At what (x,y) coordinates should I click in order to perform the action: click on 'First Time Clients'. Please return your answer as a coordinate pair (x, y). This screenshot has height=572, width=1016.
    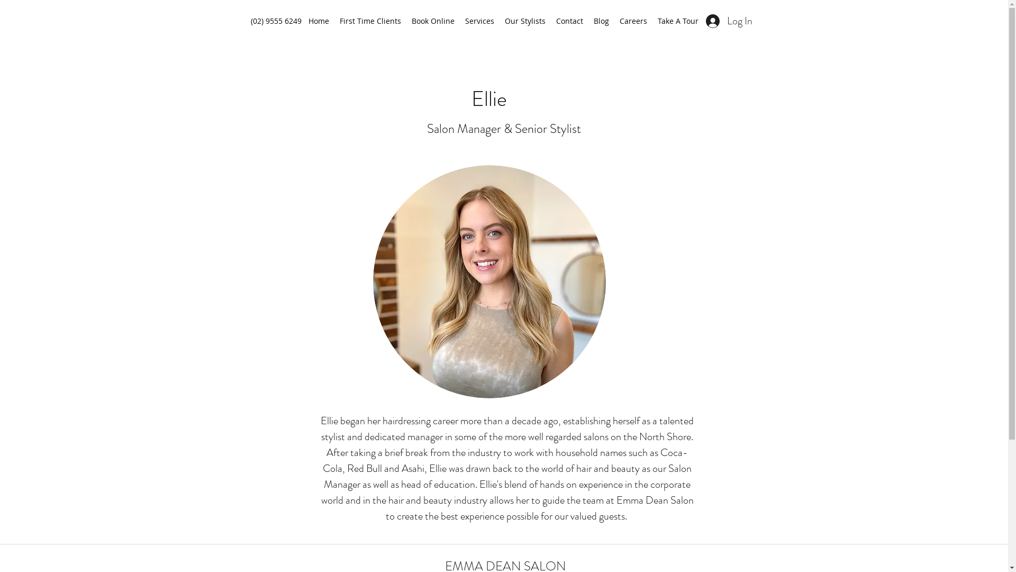
    Looking at the image, I should click on (370, 21).